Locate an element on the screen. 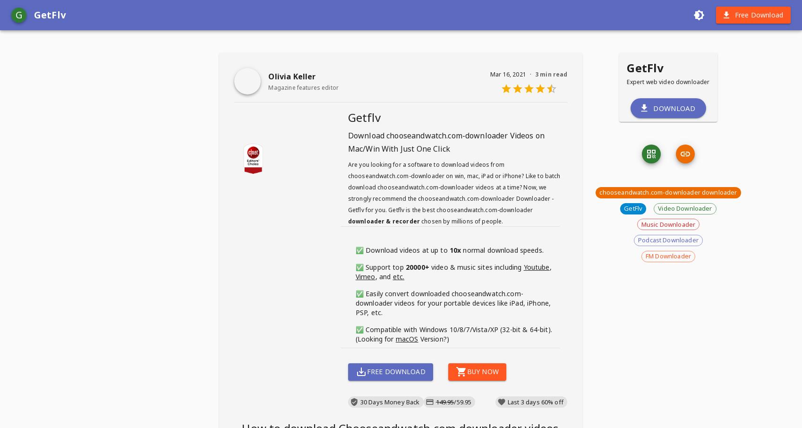 This screenshot has height=428, width=802. 'Are you looking for a software to download videos from' is located at coordinates (426, 164).